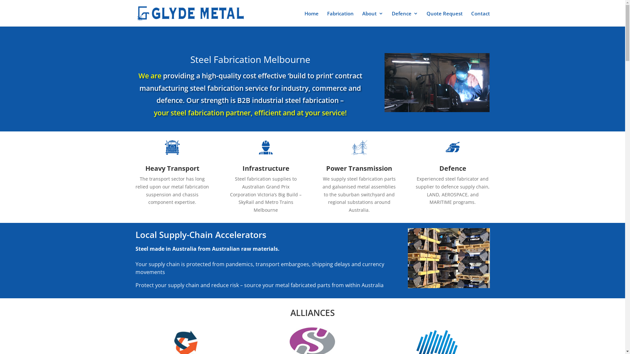  What do you see at coordinates (340, 18) in the screenshot?
I see `'Fabrication'` at bounding box center [340, 18].